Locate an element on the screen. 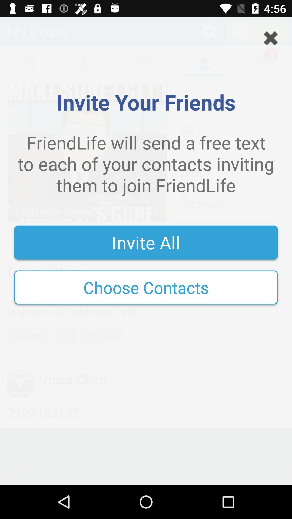 This screenshot has height=519, width=292. the icon at the top right corner is located at coordinates (271, 38).